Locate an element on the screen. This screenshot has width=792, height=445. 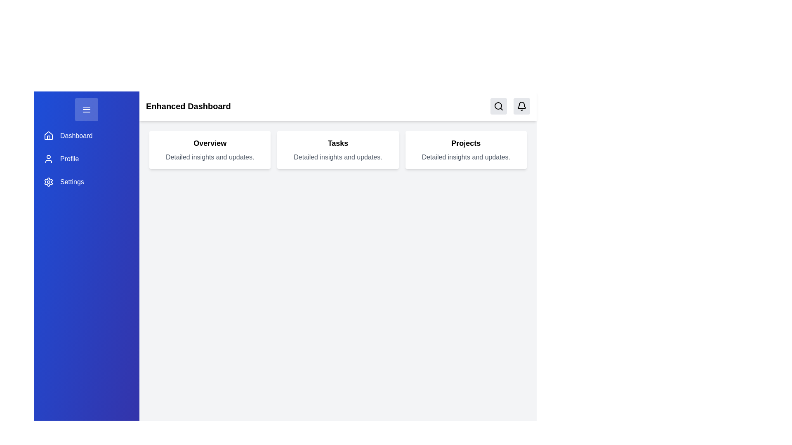
the 'Profile' label in the vertical navigation bar, which is positioned below 'Dashboard' and above 'Settings' is located at coordinates (69, 159).